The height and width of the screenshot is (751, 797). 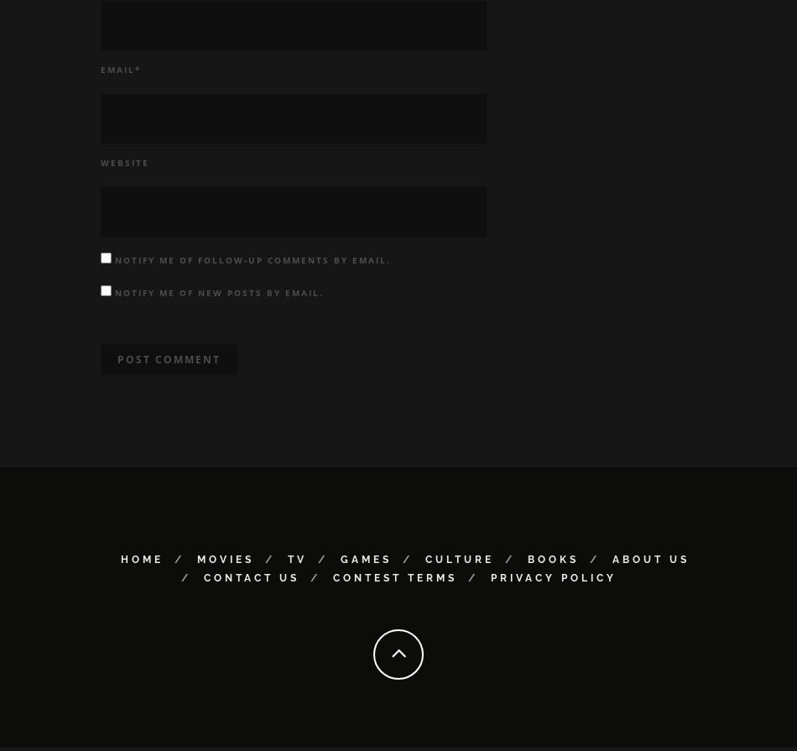 I want to click on 'Movies', so click(x=223, y=564).